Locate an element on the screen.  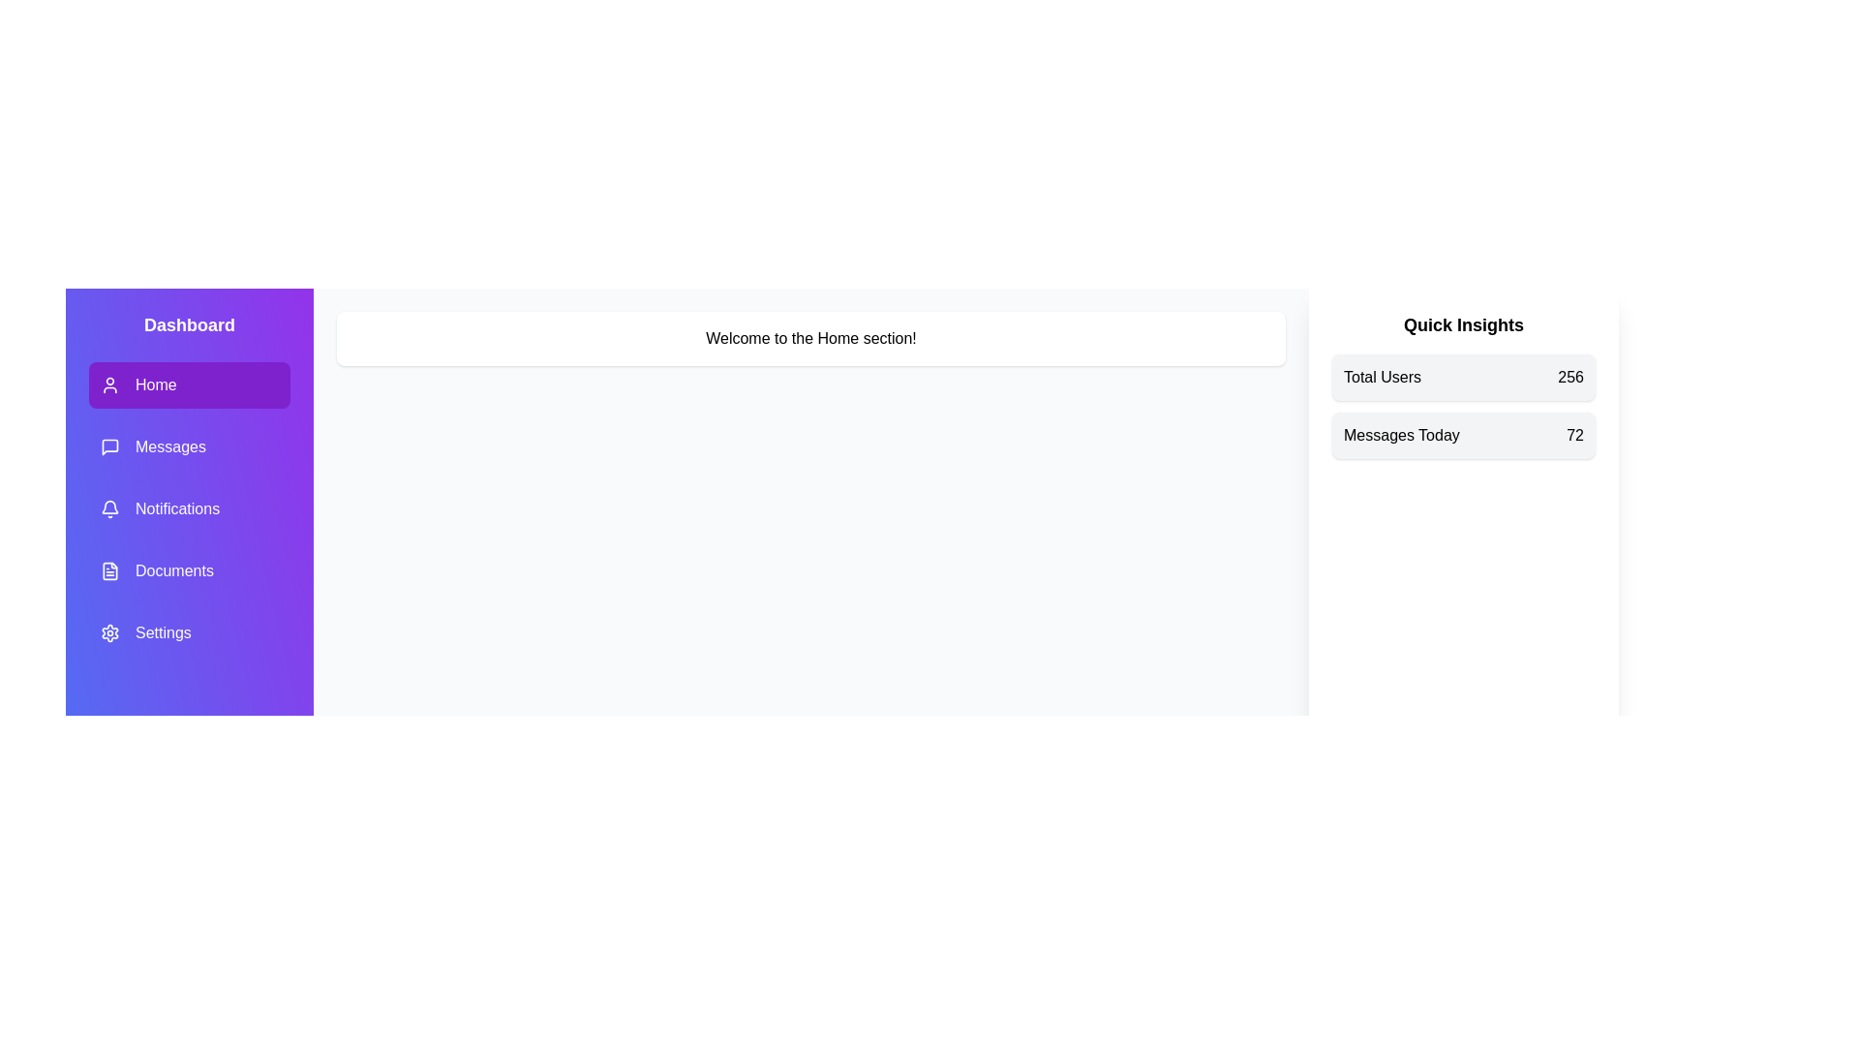
the icon resembling a square speech bubble next to the 'Messages' label in the vertical navigation menu on the left side of the interface is located at coordinates (109, 447).